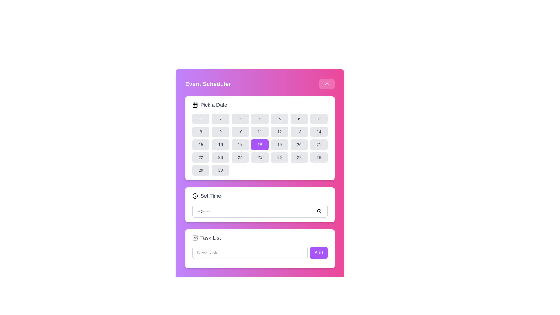 This screenshot has width=560, height=315. I want to click on the date selection icon located at the top-left corner of the 'Pick a Date' section, so click(195, 104).